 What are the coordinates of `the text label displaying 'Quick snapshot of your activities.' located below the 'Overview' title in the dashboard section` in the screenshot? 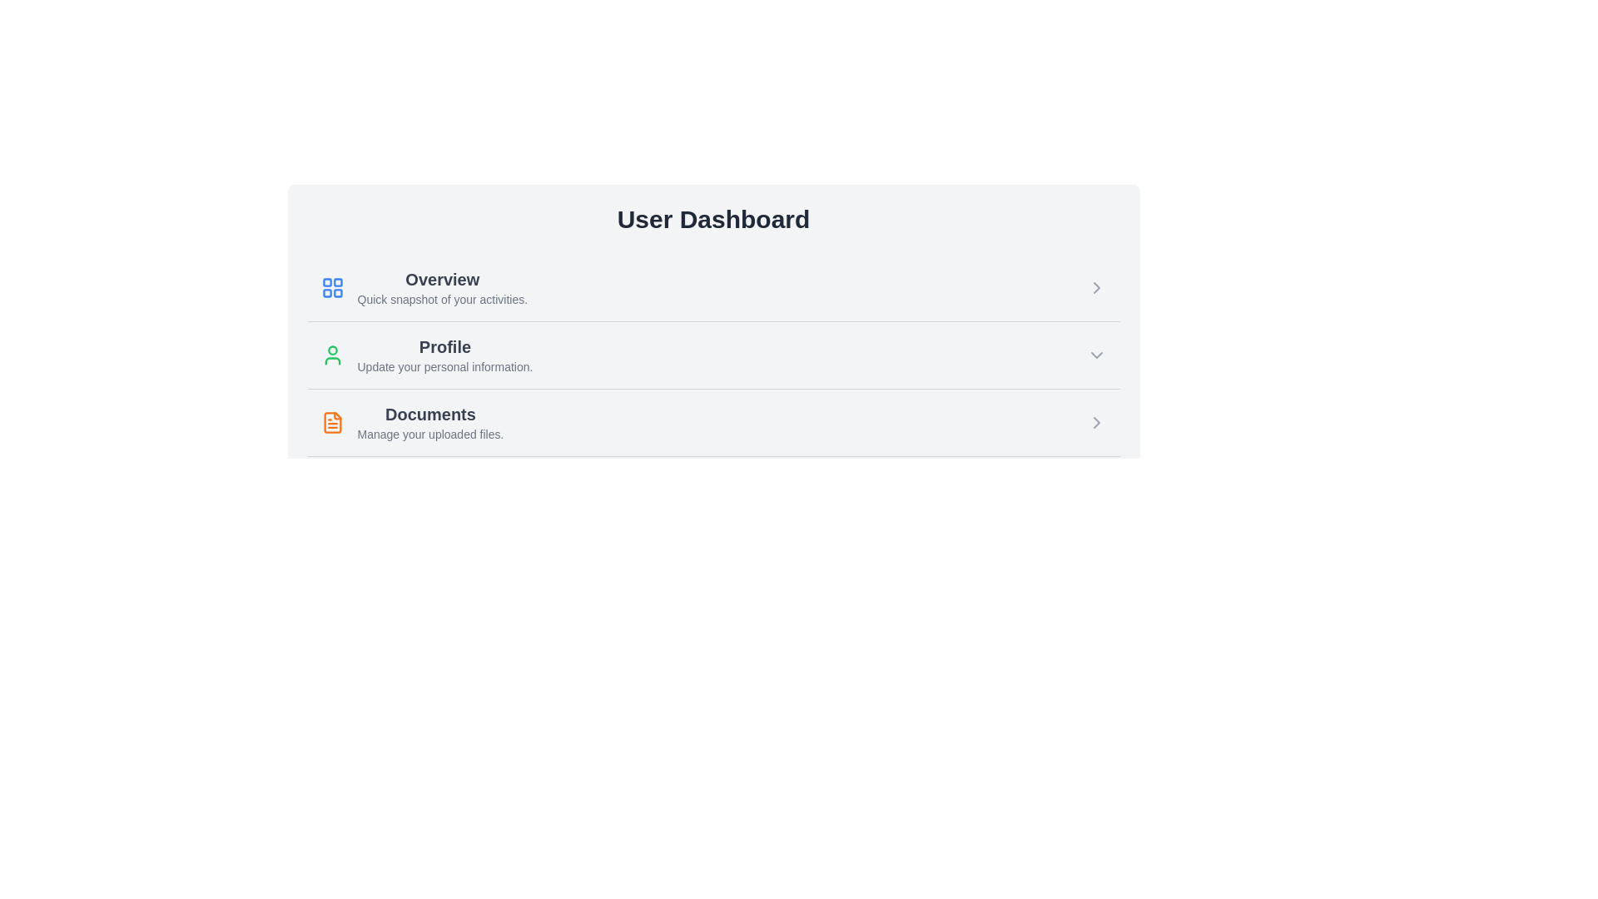 It's located at (442, 298).